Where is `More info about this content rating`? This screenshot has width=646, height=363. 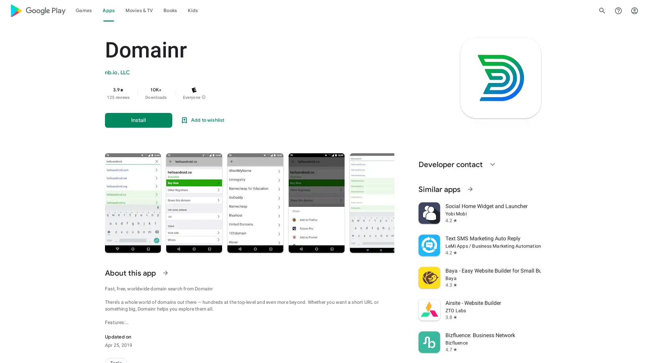
More info about this content rating is located at coordinates (203, 97).